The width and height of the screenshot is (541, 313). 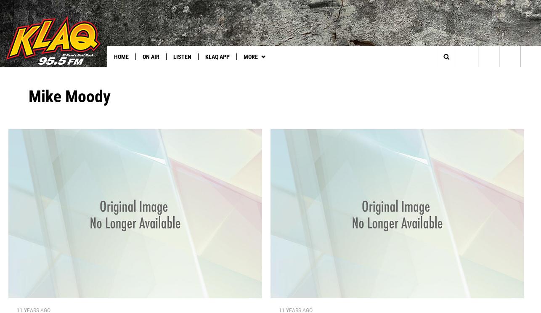 I want to click on 'More', so click(x=250, y=57).